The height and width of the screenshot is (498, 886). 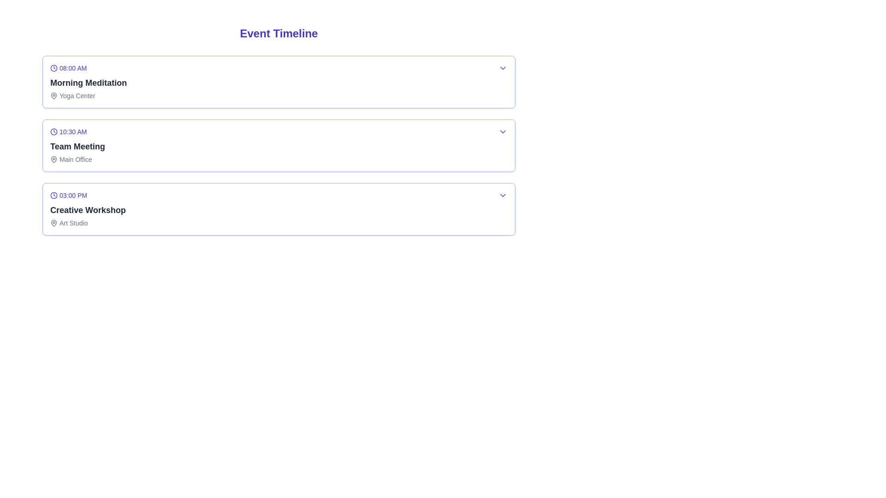 I want to click on the text heading element 'Event Timeline' which is prominently displayed at the top-center of the content area, so click(x=278, y=33).